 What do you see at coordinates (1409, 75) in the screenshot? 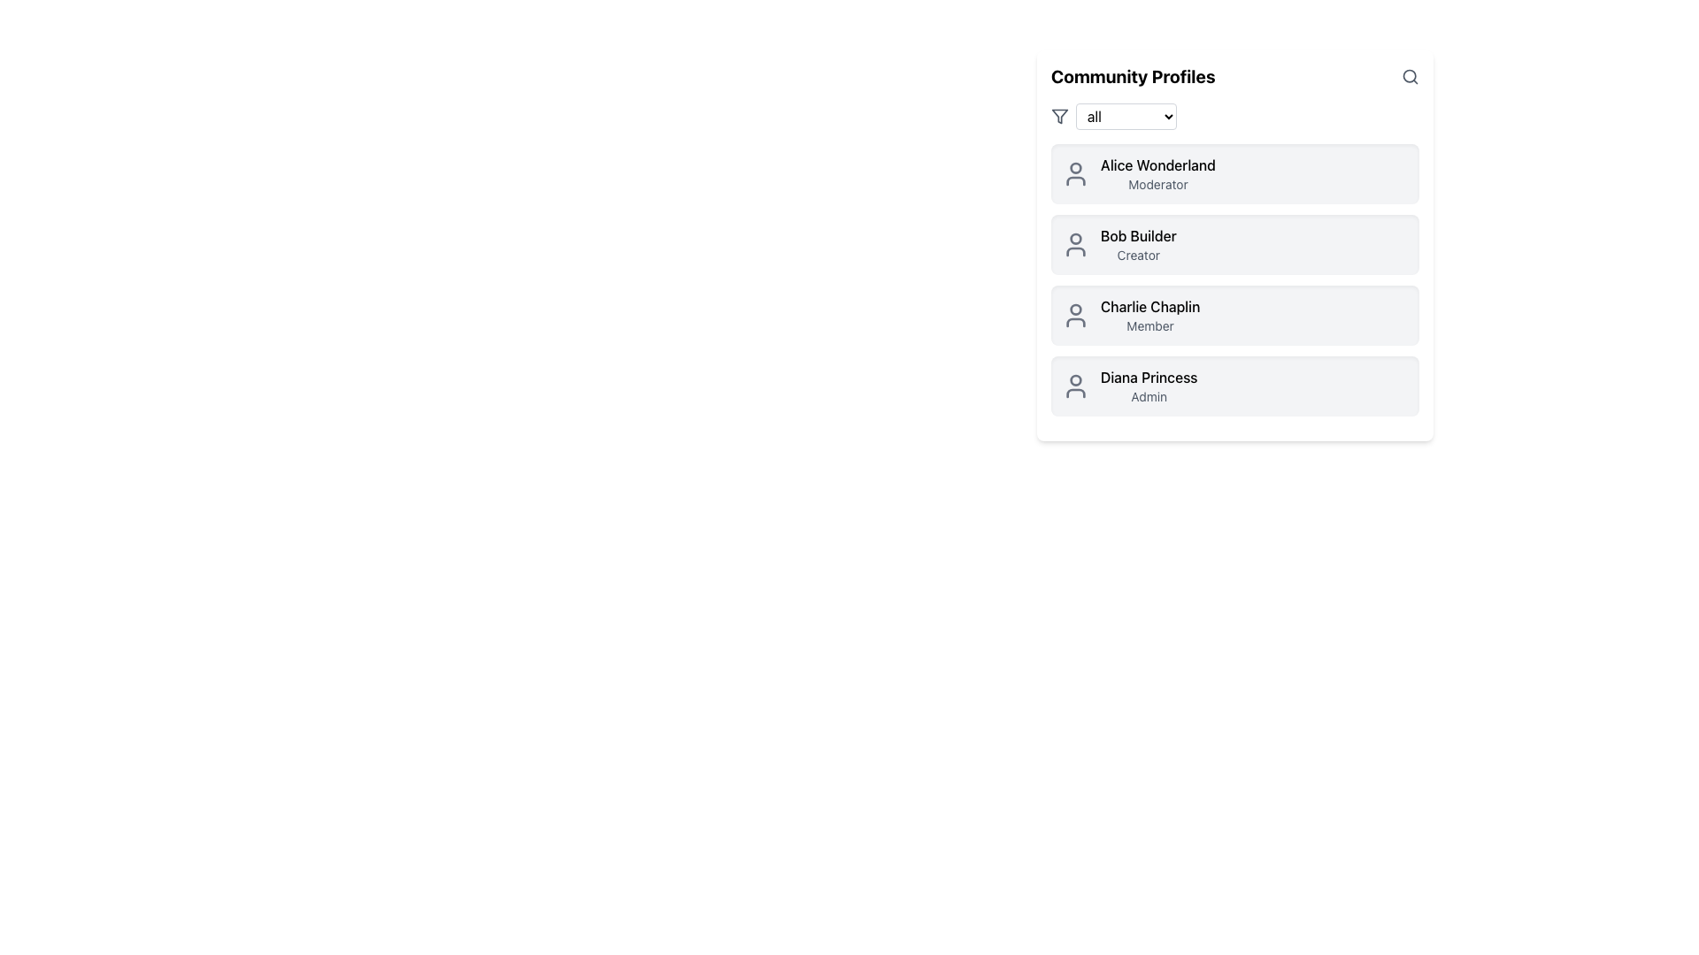
I see `SVG circle element representing the search icon located in the top right corner of the interface using developer tools` at bounding box center [1409, 75].